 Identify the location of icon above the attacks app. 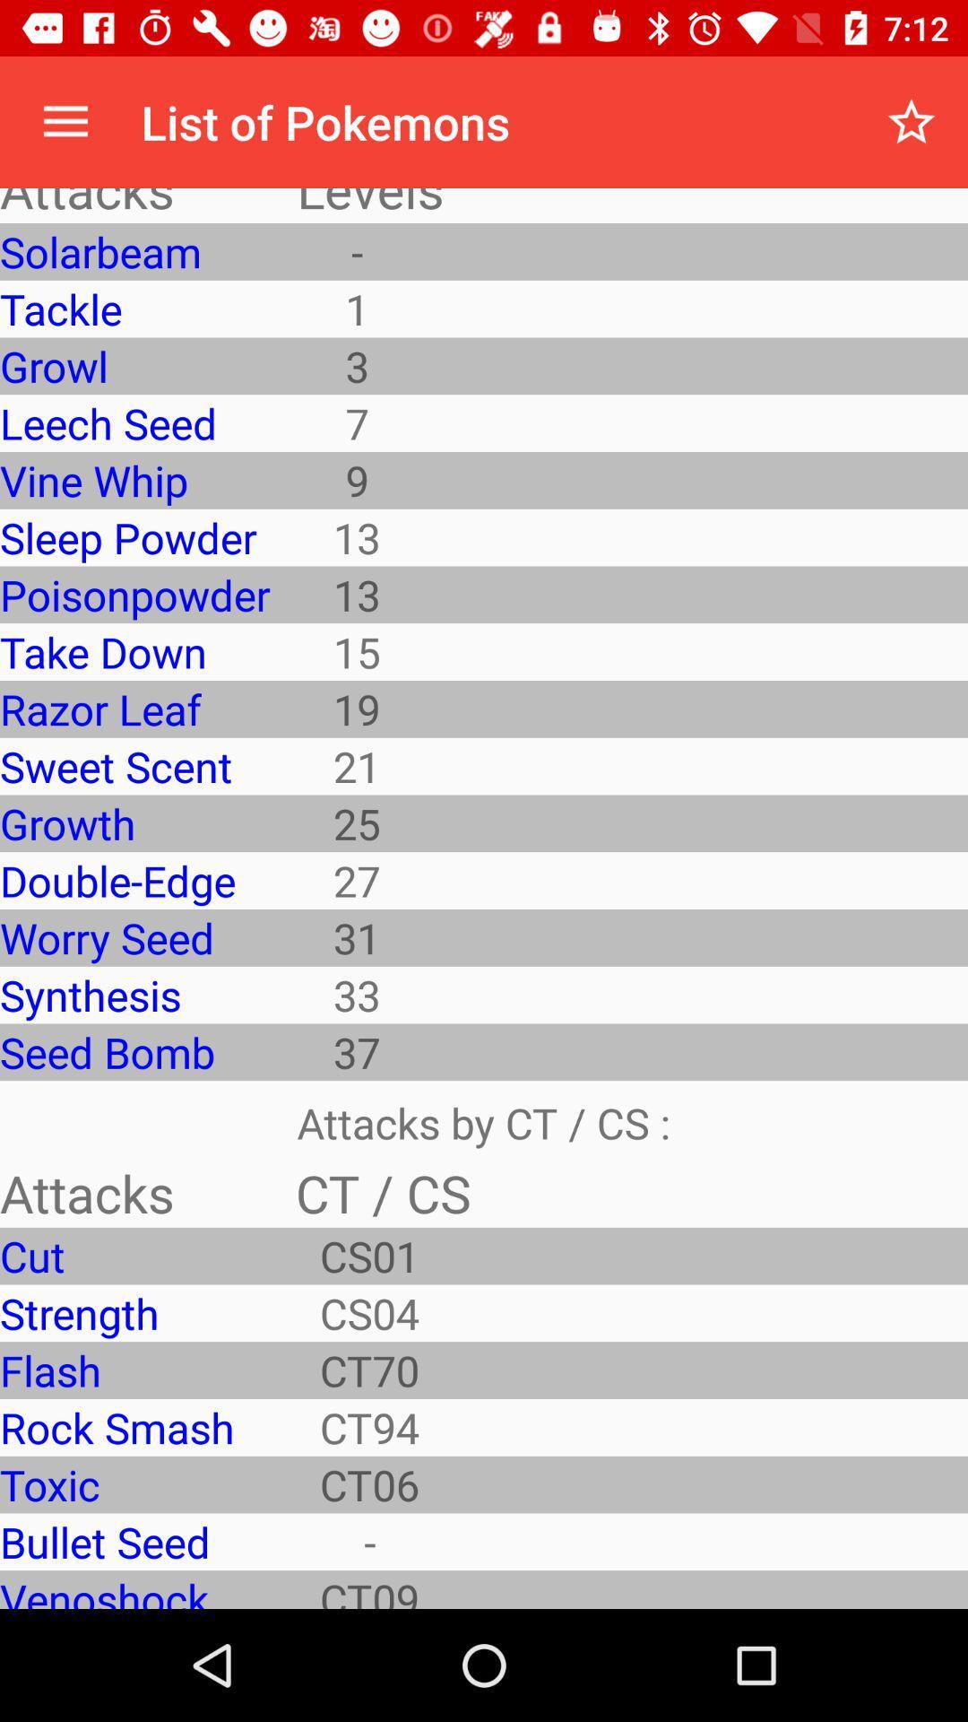
(65, 121).